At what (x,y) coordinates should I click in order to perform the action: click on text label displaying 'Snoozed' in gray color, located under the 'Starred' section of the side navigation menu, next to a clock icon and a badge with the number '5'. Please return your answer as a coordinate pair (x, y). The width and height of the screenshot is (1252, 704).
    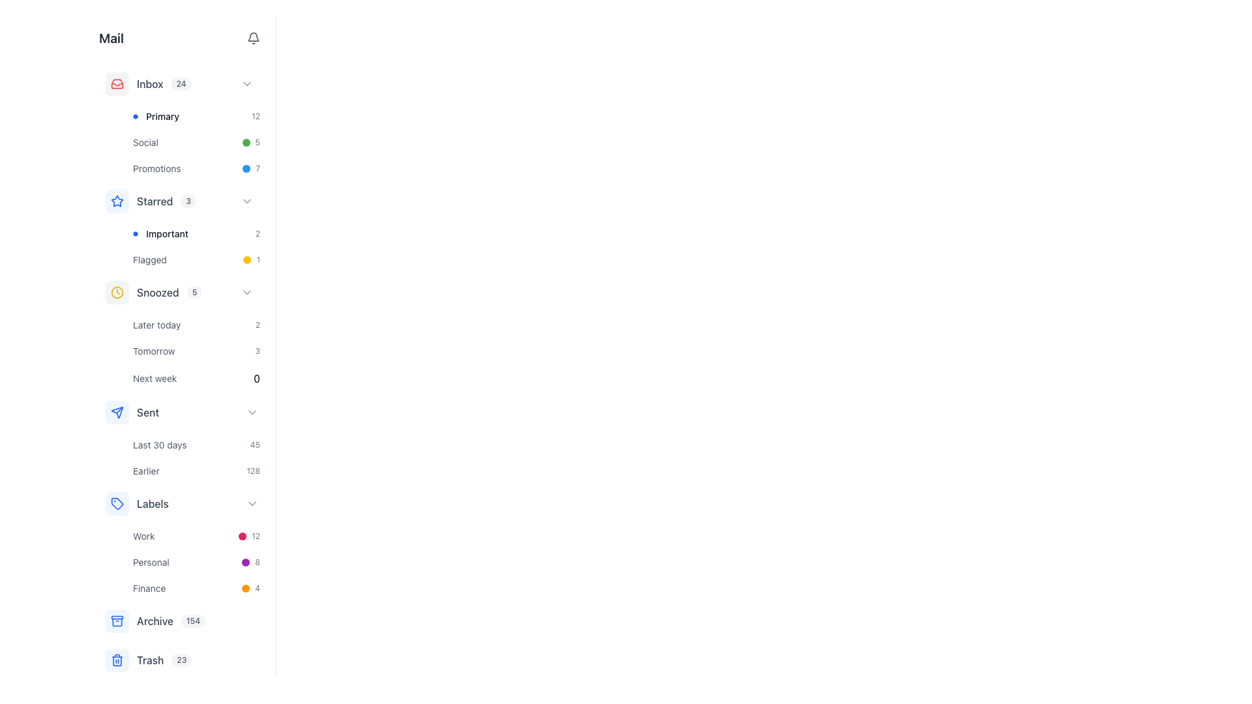
    Looking at the image, I should click on (157, 291).